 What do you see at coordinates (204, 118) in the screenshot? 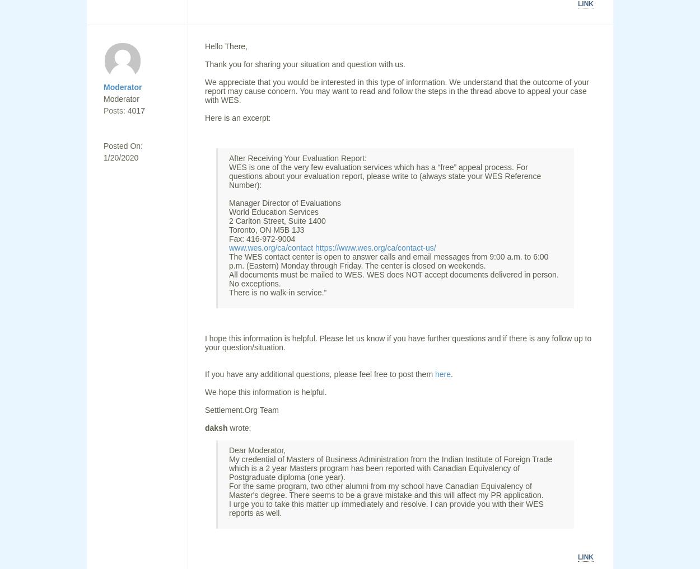
I see `'Here is an excerpt:'` at bounding box center [204, 118].